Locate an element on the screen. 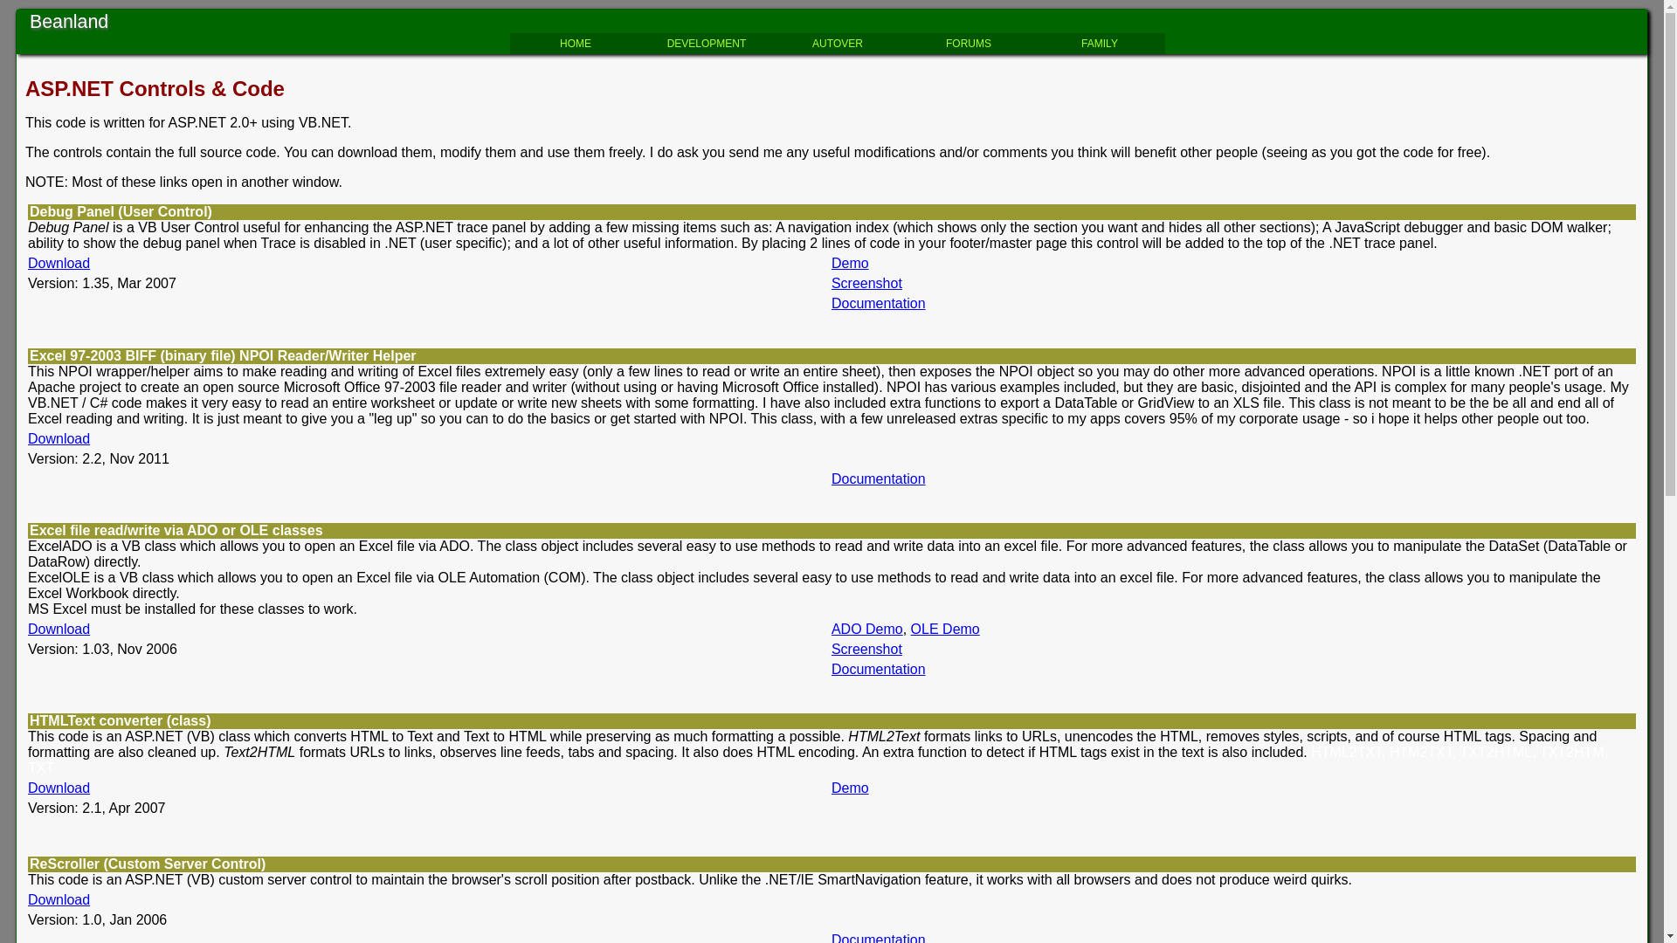  'Demo' is located at coordinates (850, 788).